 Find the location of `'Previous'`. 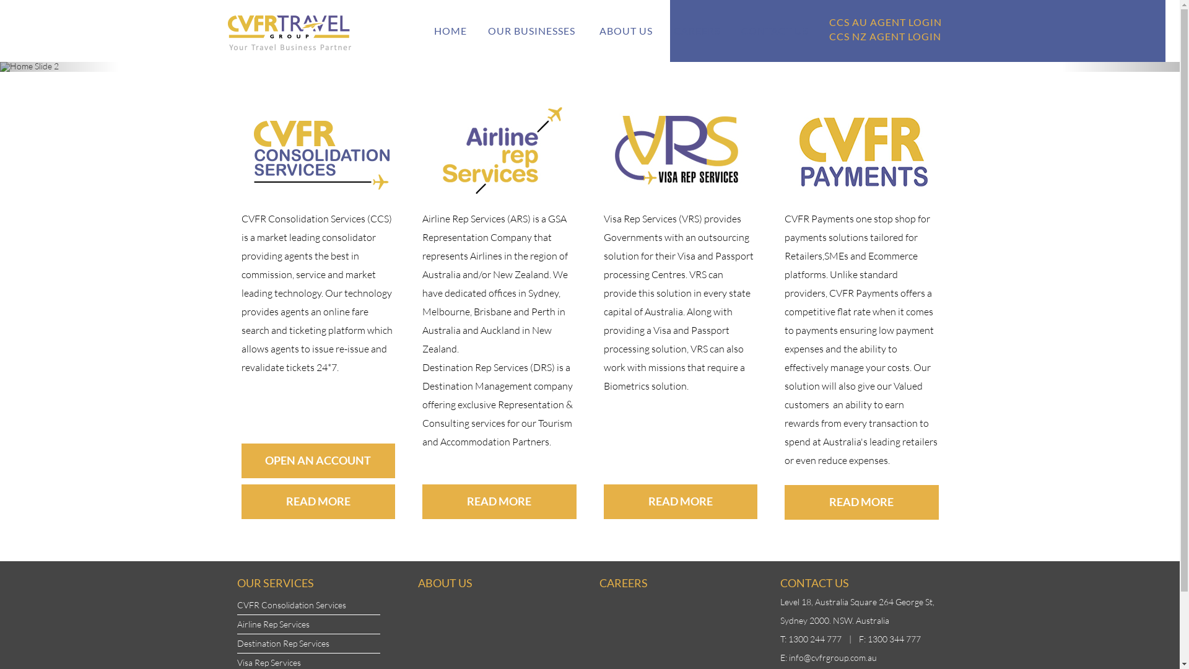

'Previous' is located at coordinates (0, 67).